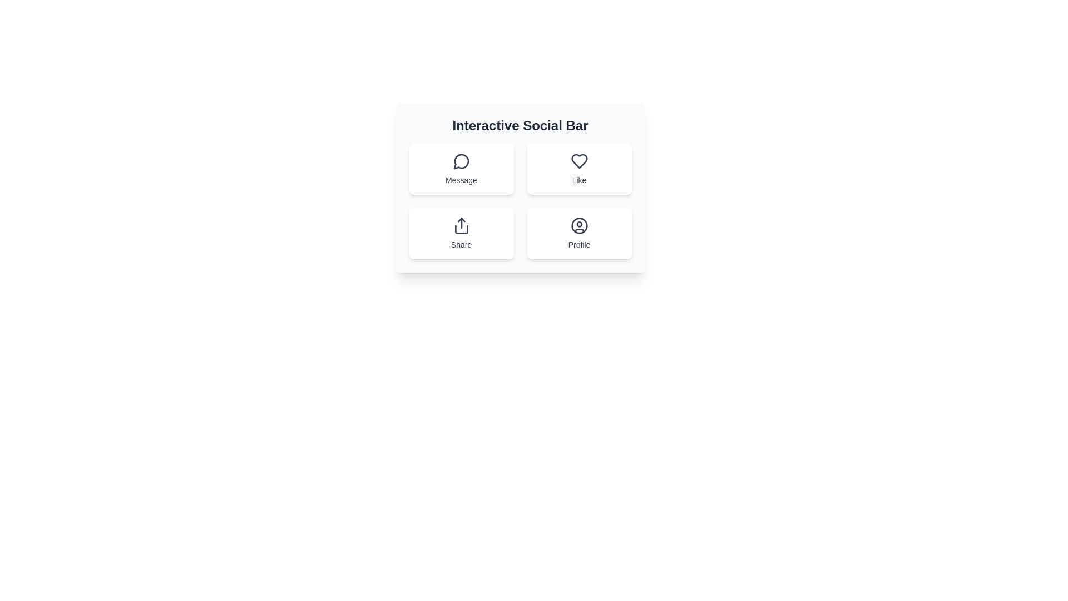  I want to click on the 'Share' icon located in the lower-left quadrant of the 'Interactive Social Bar' panel, so click(461, 225).